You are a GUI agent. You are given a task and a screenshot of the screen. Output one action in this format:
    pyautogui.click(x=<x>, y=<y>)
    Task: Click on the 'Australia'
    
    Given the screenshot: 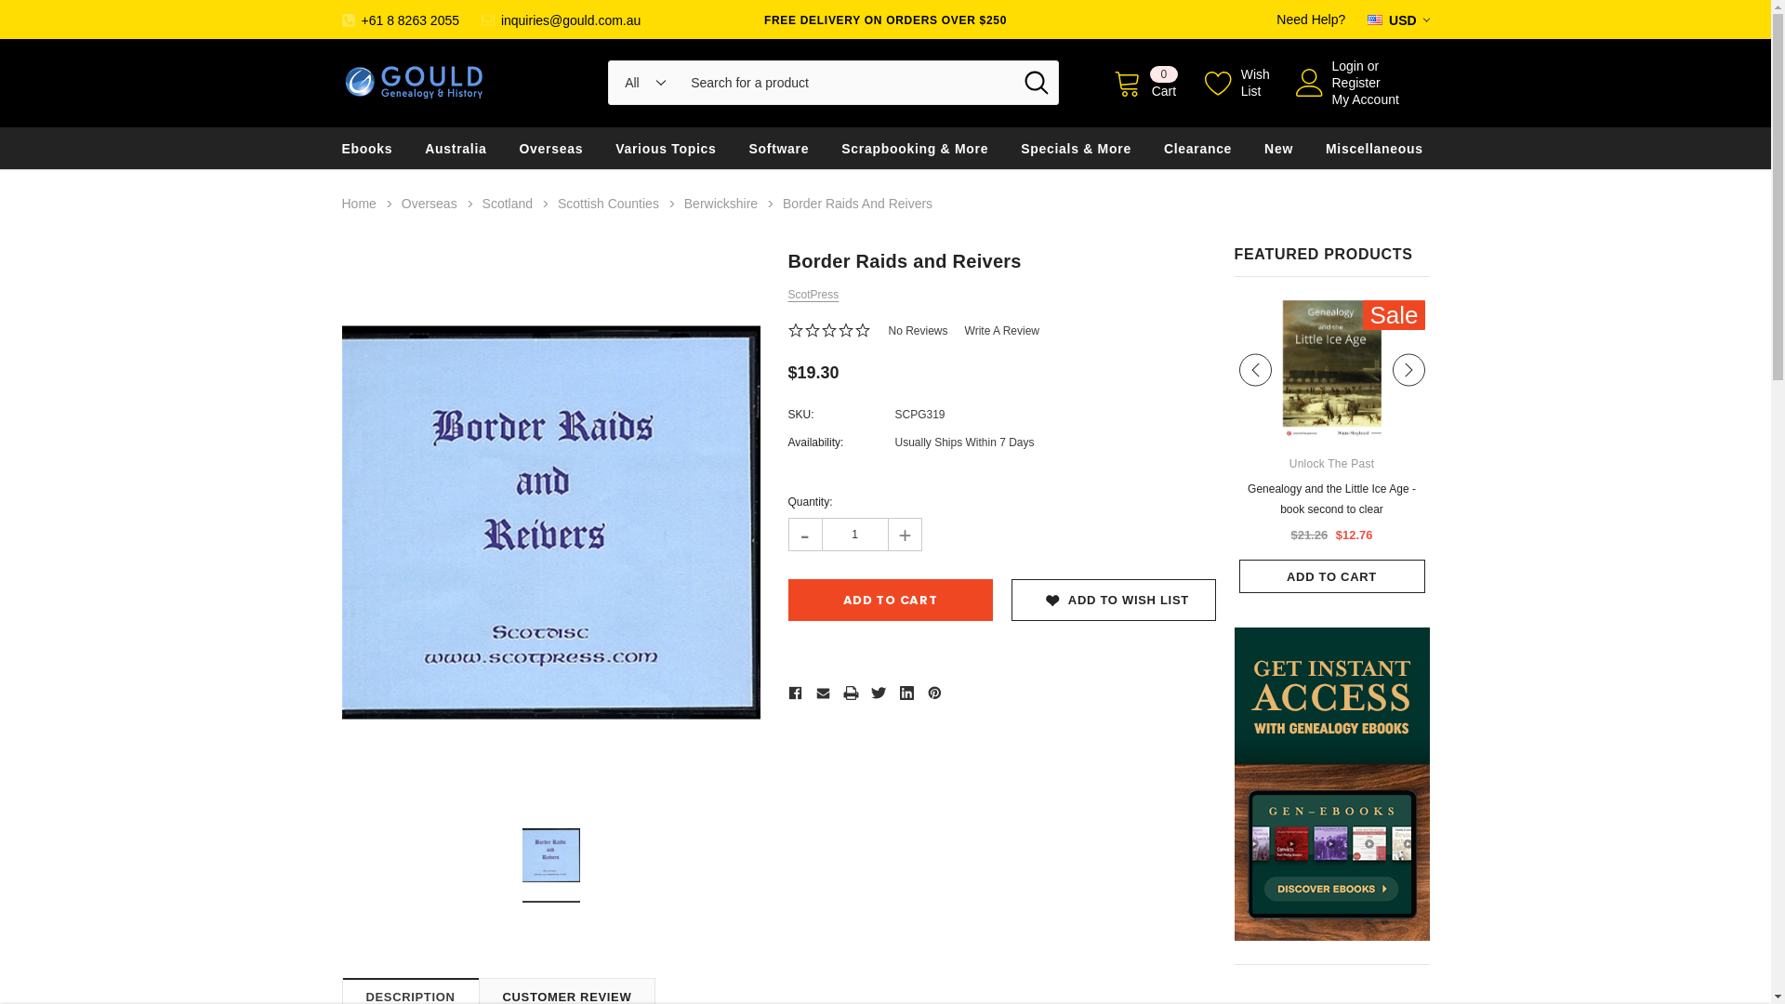 What is the action you would take?
    pyautogui.click(x=423, y=147)
    